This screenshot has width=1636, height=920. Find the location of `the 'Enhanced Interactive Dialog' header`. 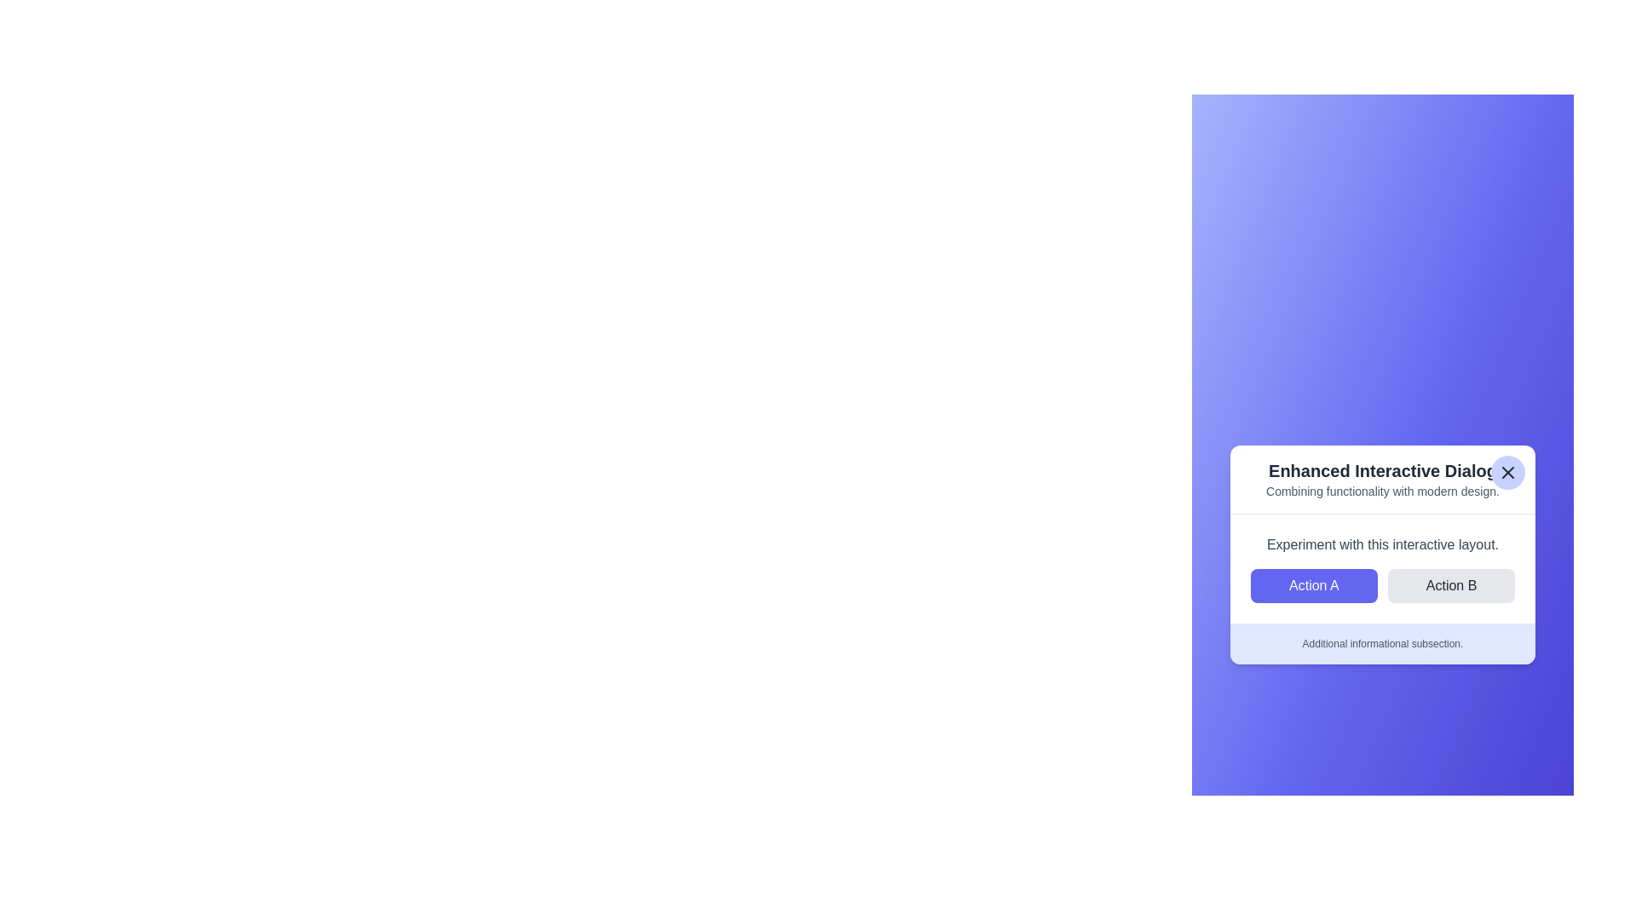

the 'Enhanced Interactive Dialog' header is located at coordinates (1382, 480).